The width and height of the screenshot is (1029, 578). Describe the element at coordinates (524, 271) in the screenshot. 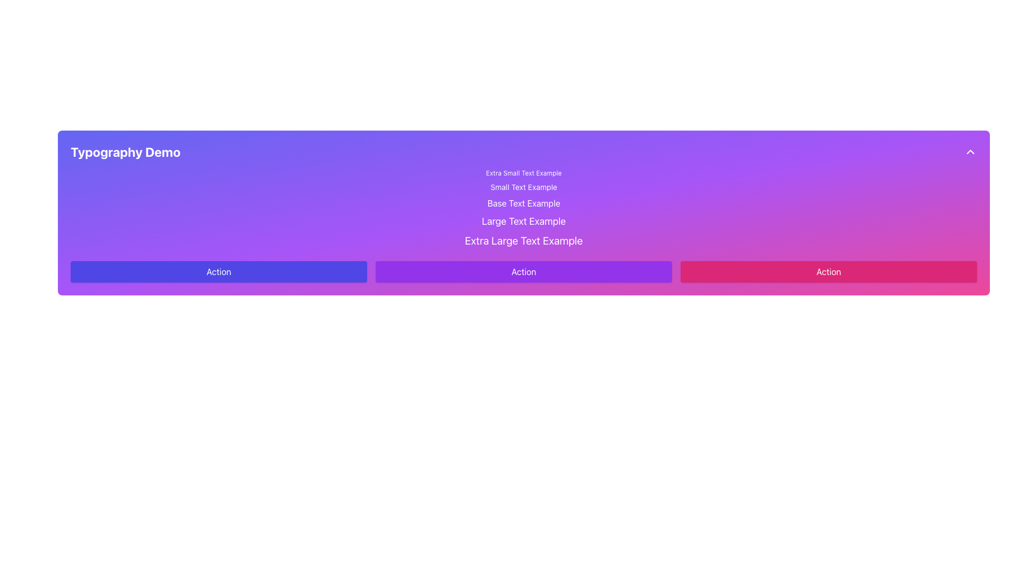

I see `the second button in the grid layout, which is centrally aligned and located towards the bottom of the interface` at that location.